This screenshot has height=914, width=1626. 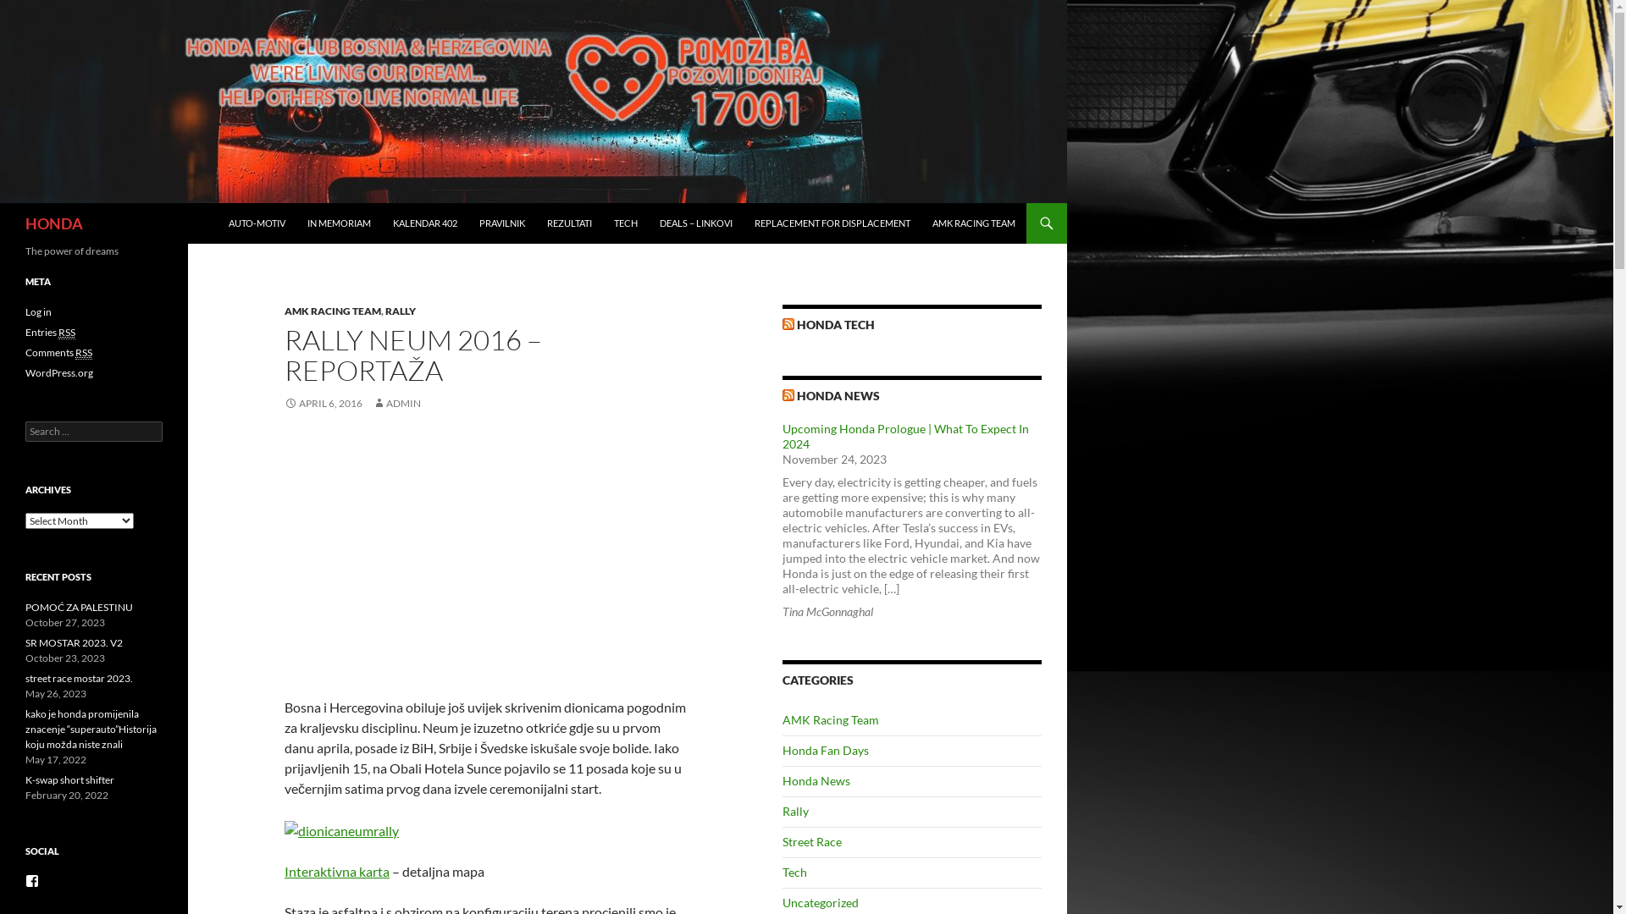 What do you see at coordinates (794, 872) in the screenshot?
I see `'Tech'` at bounding box center [794, 872].